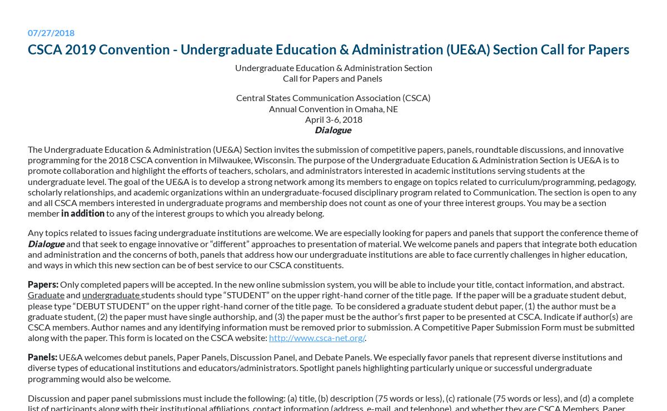 This screenshot has height=411, width=667. Describe the element at coordinates (328, 48) in the screenshot. I see `'CSCA 2019 Convention - Undergraduate Education & Administration (UE&A) Section Call for Papers'` at that location.